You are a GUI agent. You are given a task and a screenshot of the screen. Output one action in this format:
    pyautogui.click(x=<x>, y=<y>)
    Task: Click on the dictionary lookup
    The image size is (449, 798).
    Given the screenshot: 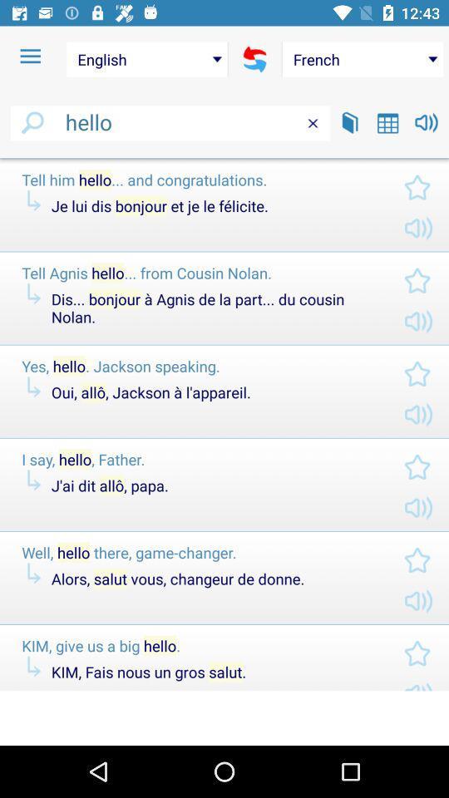 What is the action you would take?
    pyautogui.click(x=349, y=121)
    